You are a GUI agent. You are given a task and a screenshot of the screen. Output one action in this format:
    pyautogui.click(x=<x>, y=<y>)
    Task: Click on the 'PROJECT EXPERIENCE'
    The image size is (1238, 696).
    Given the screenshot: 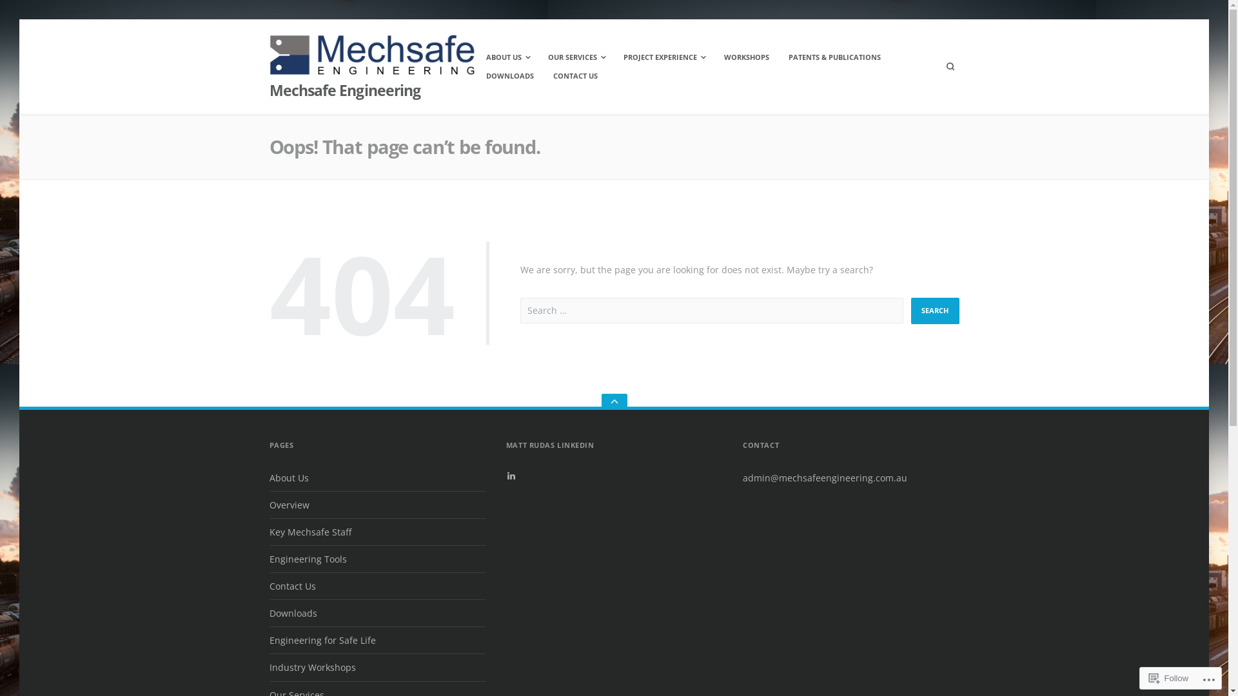 What is the action you would take?
    pyautogui.click(x=663, y=56)
    